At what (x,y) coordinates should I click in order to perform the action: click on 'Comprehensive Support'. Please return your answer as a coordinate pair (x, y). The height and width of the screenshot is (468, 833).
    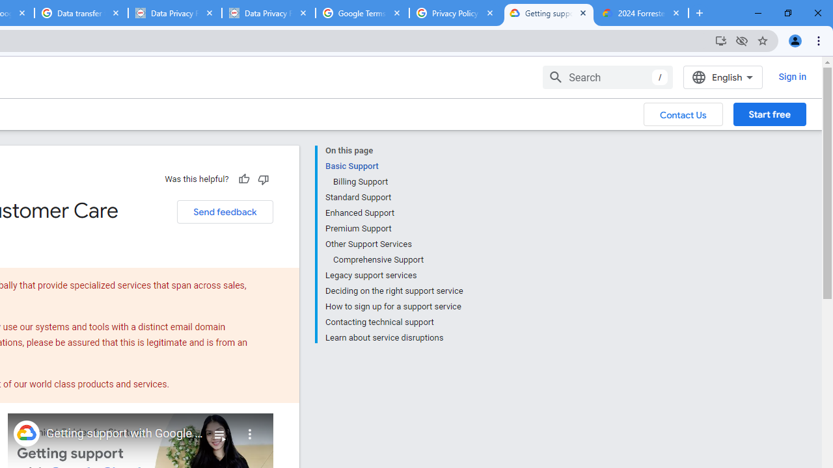
    Looking at the image, I should click on (397, 259).